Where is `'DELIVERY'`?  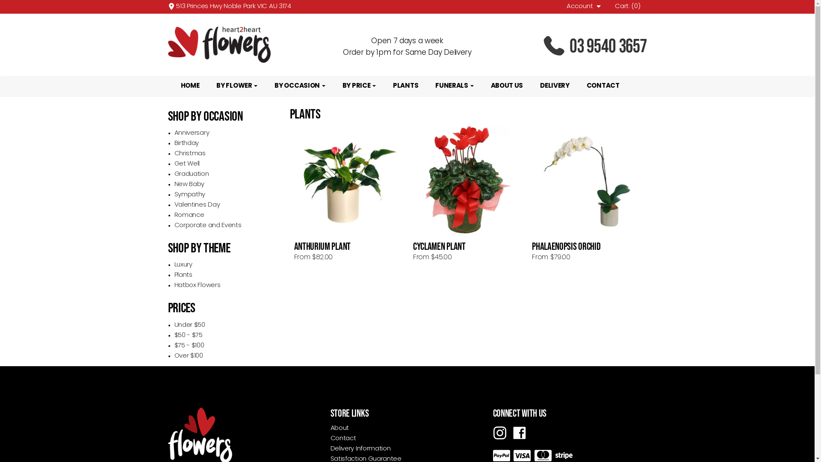
'DELIVERY' is located at coordinates (555, 86).